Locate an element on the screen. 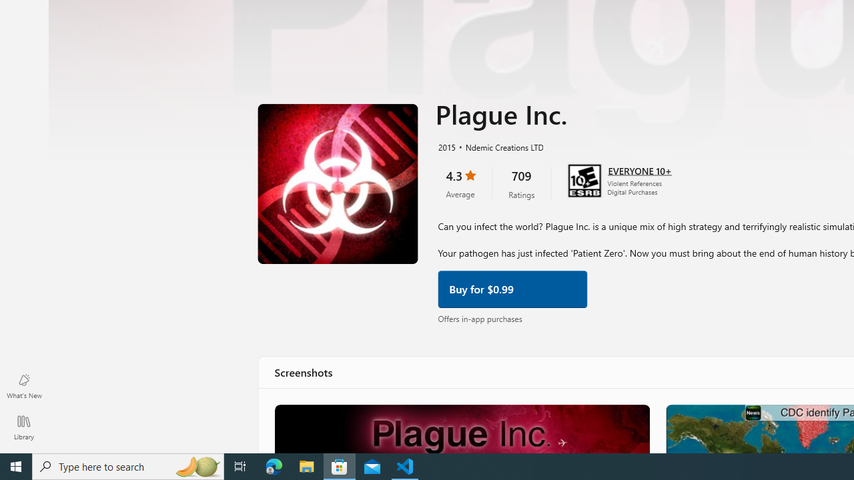 This screenshot has height=480, width=854. 'Buy' is located at coordinates (512, 287).